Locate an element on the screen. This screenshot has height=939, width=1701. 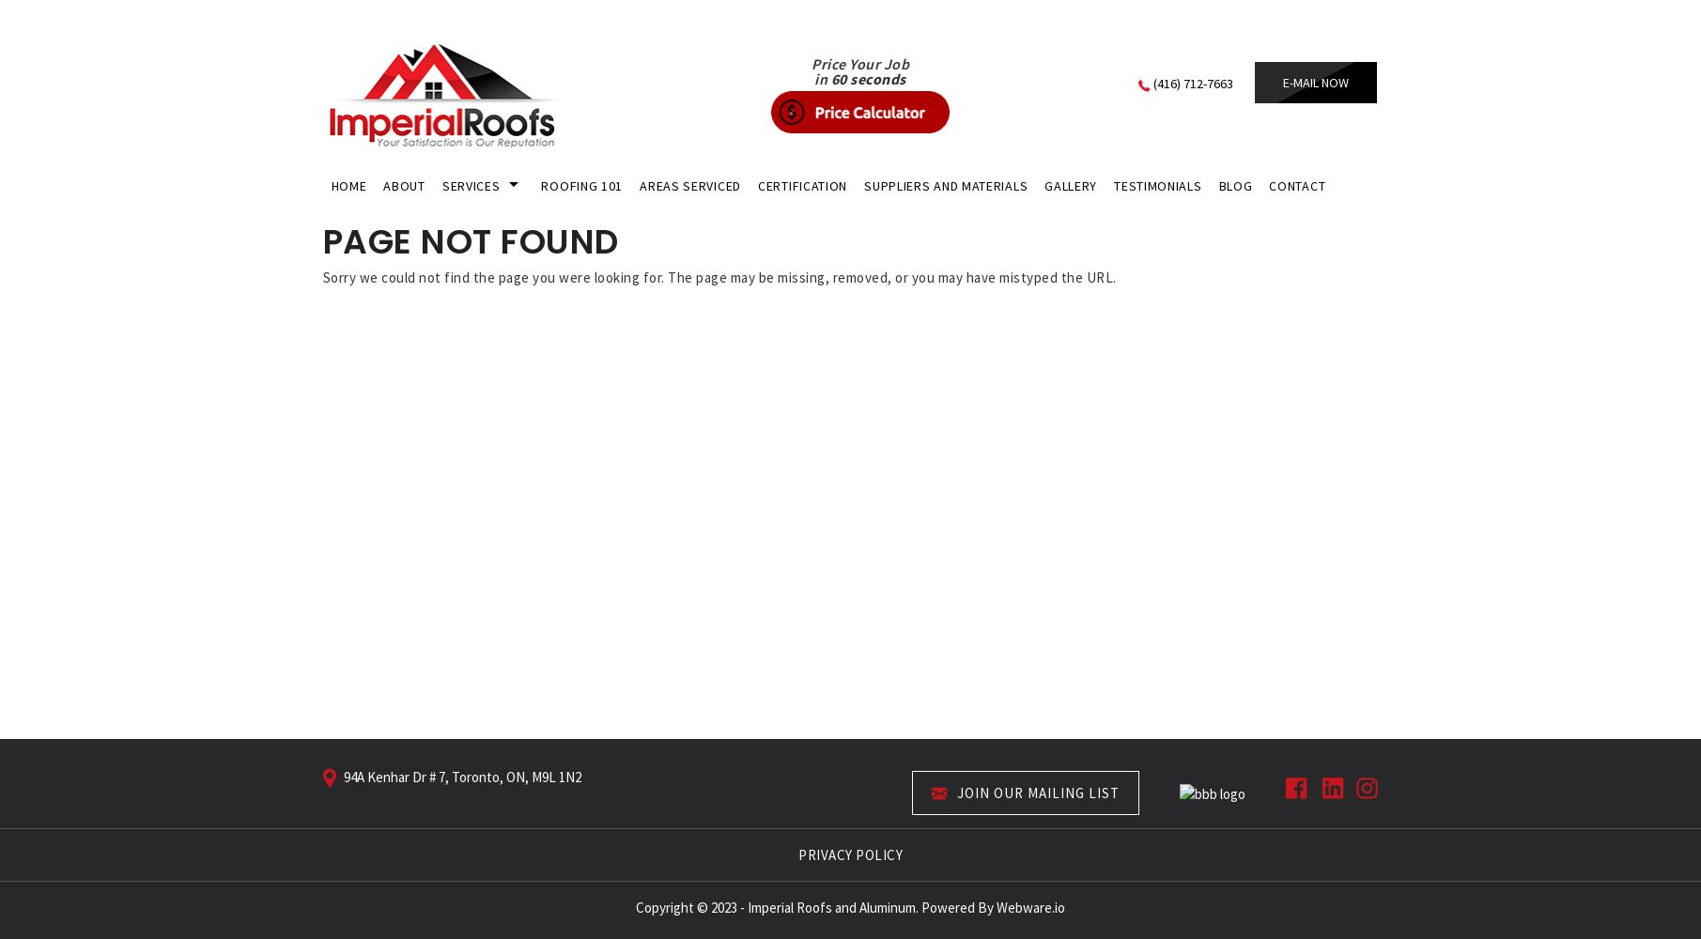
'Webware.io' is located at coordinates (1030, 905).